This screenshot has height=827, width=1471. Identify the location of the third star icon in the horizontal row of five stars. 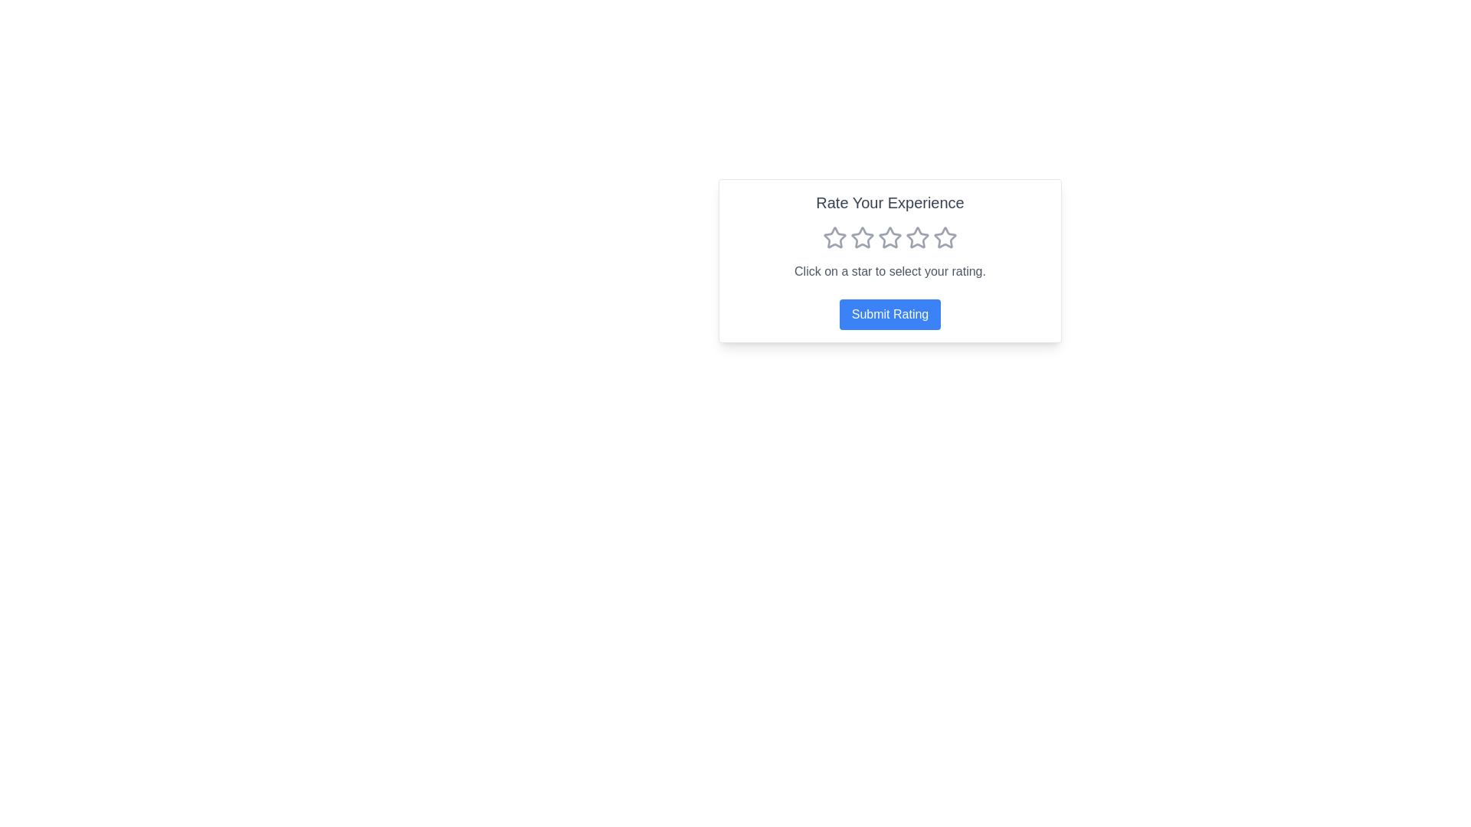
(863, 238).